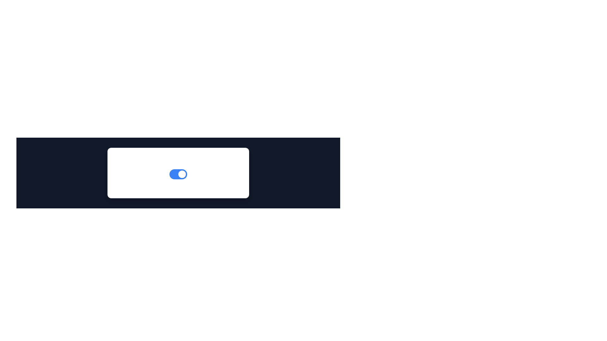 This screenshot has height=341, width=607. Describe the element at coordinates (178, 174) in the screenshot. I see `the rounded rectangular toggle switch with a blue background and a white knob, which is currently indicating an active state` at that location.